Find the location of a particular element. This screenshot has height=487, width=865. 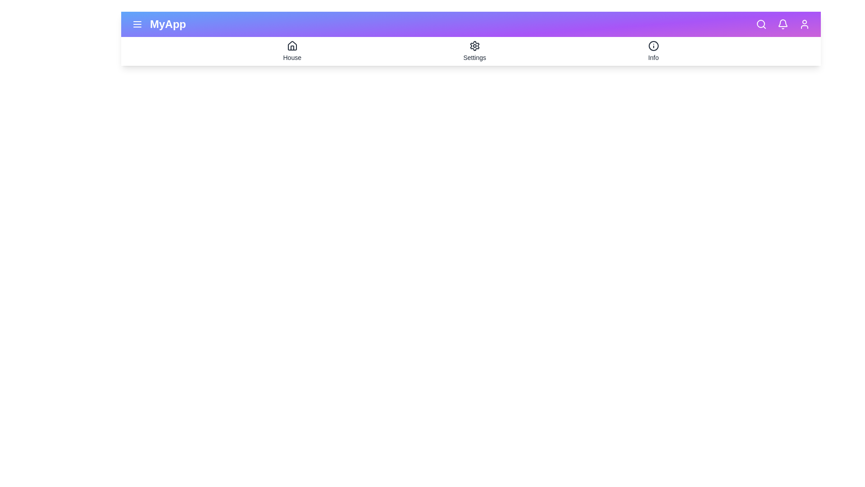

the text label House to select it is located at coordinates (292, 57).